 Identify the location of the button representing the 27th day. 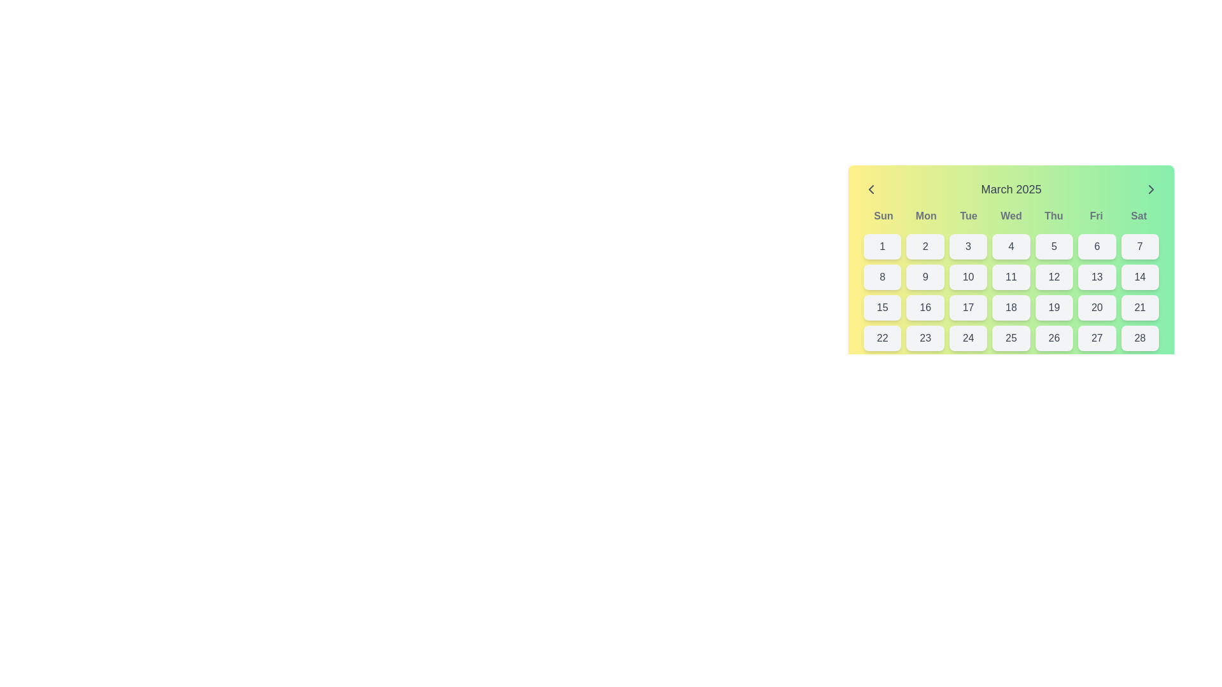
(1096, 338).